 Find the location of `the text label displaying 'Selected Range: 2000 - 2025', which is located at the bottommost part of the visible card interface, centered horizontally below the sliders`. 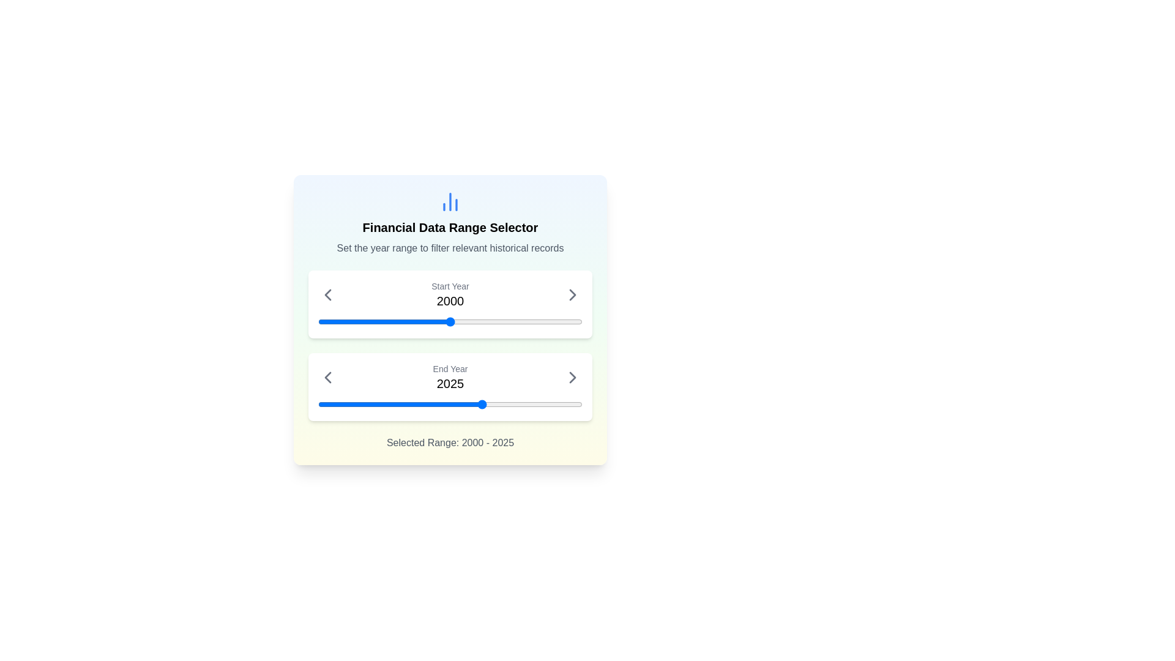

the text label displaying 'Selected Range: 2000 - 2025', which is located at the bottommost part of the visible card interface, centered horizontally below the sliders is located at coordinates (449, 443).